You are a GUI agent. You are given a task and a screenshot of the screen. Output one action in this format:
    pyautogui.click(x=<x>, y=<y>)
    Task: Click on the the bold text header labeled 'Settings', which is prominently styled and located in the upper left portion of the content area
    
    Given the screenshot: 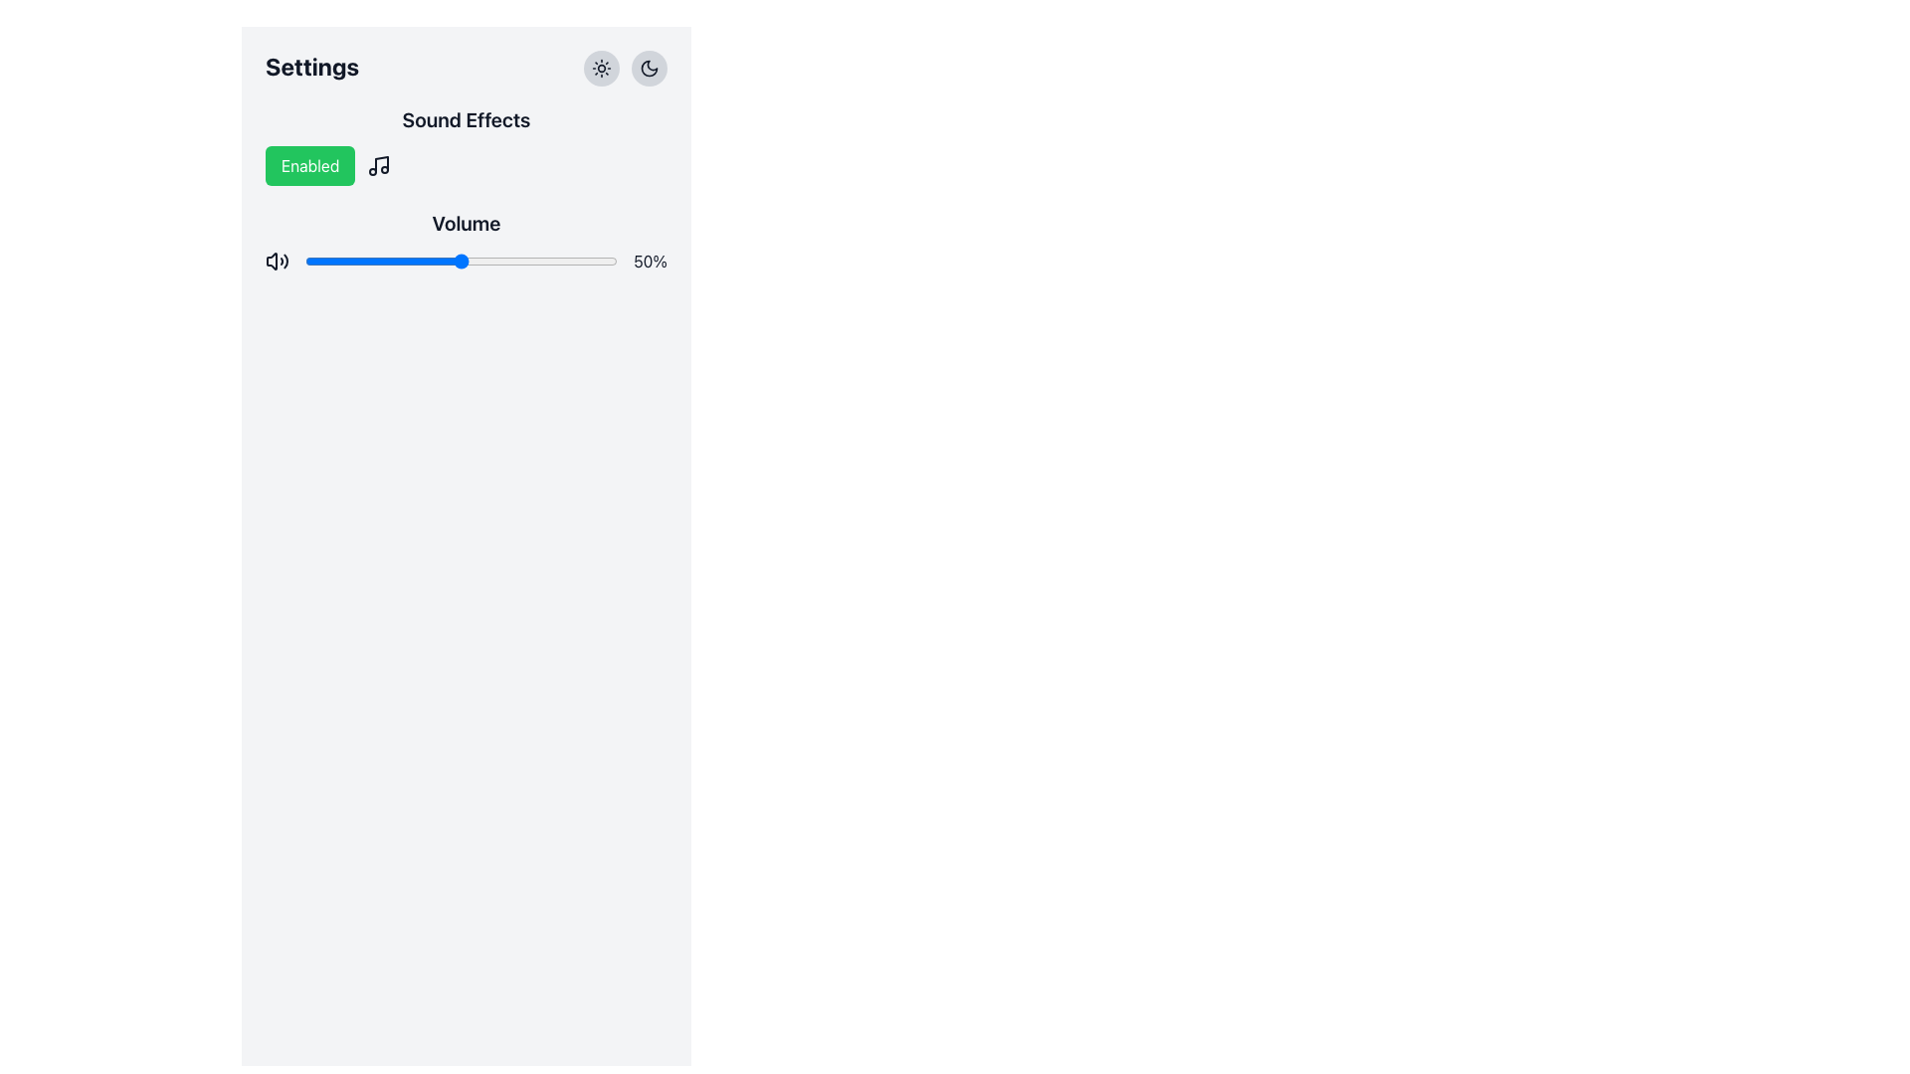 What is the action you would take?
    pyautogui.click(x=311, y=68)
    